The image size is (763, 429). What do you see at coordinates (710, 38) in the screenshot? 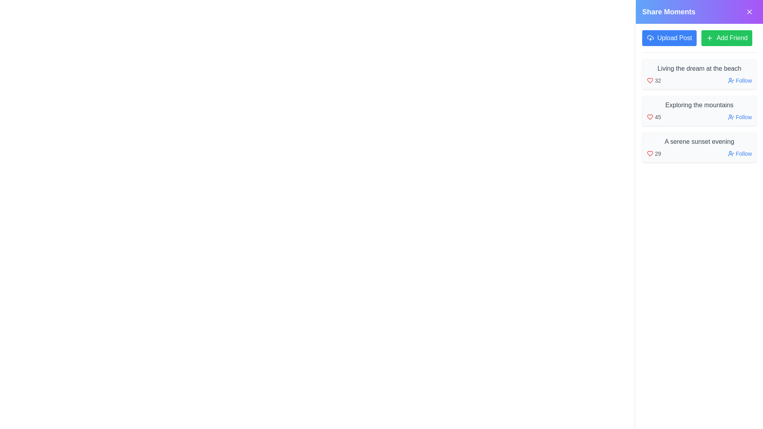
I see `the small plus sign icon centered within the green 'Add Friend' button located in the top-right corner of the UI` at bounding box center [710, 38].